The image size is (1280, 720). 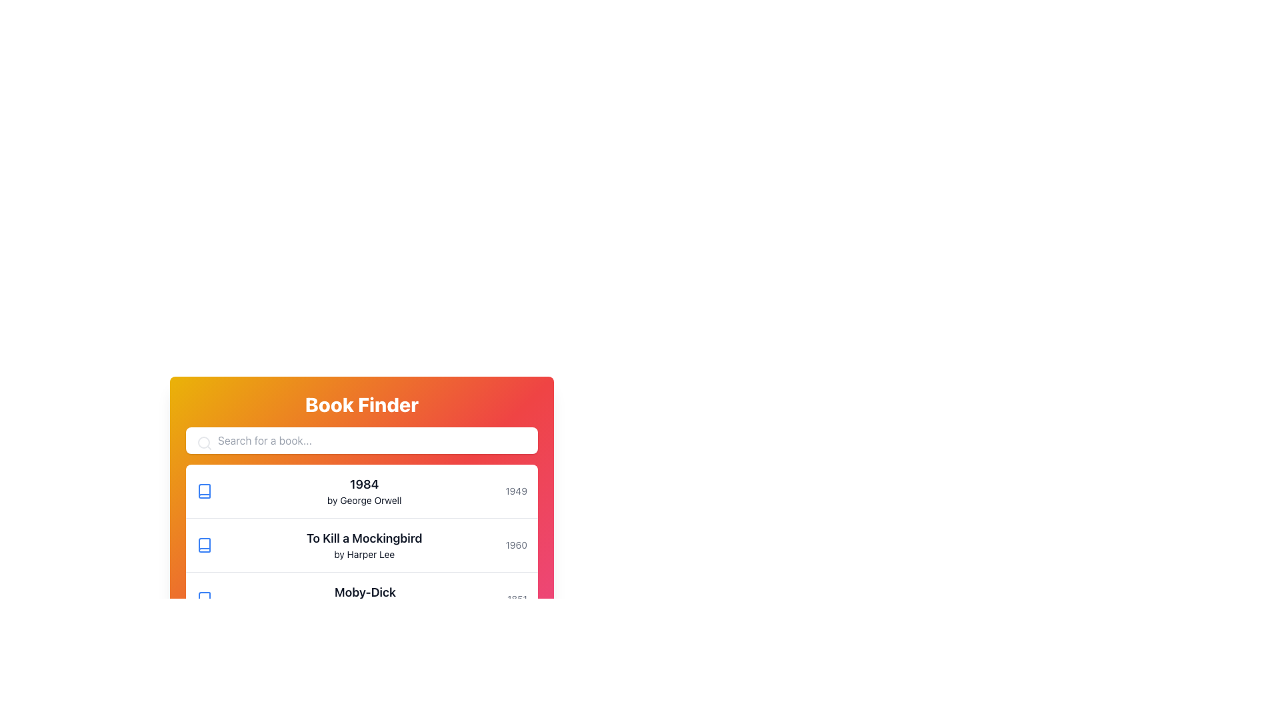 What do you see at coordinates (364, 501) in the screenshot?
I see `the static text label displaying the author name for the book '1984', located immediately below the title within the vertical list of book entries` at bounding box center [364, 501].